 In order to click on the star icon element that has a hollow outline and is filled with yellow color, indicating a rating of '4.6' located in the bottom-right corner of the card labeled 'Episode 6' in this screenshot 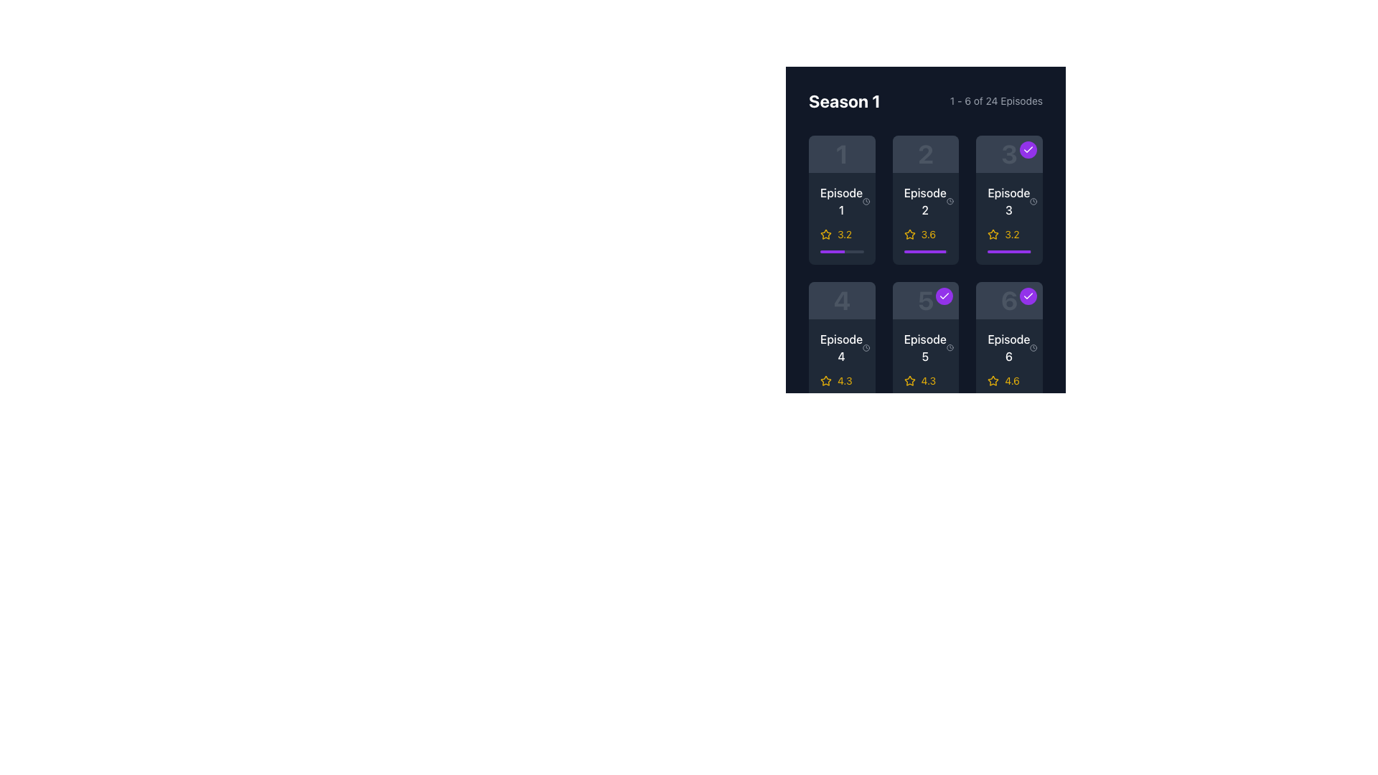, I will do `click(993, 380)`.